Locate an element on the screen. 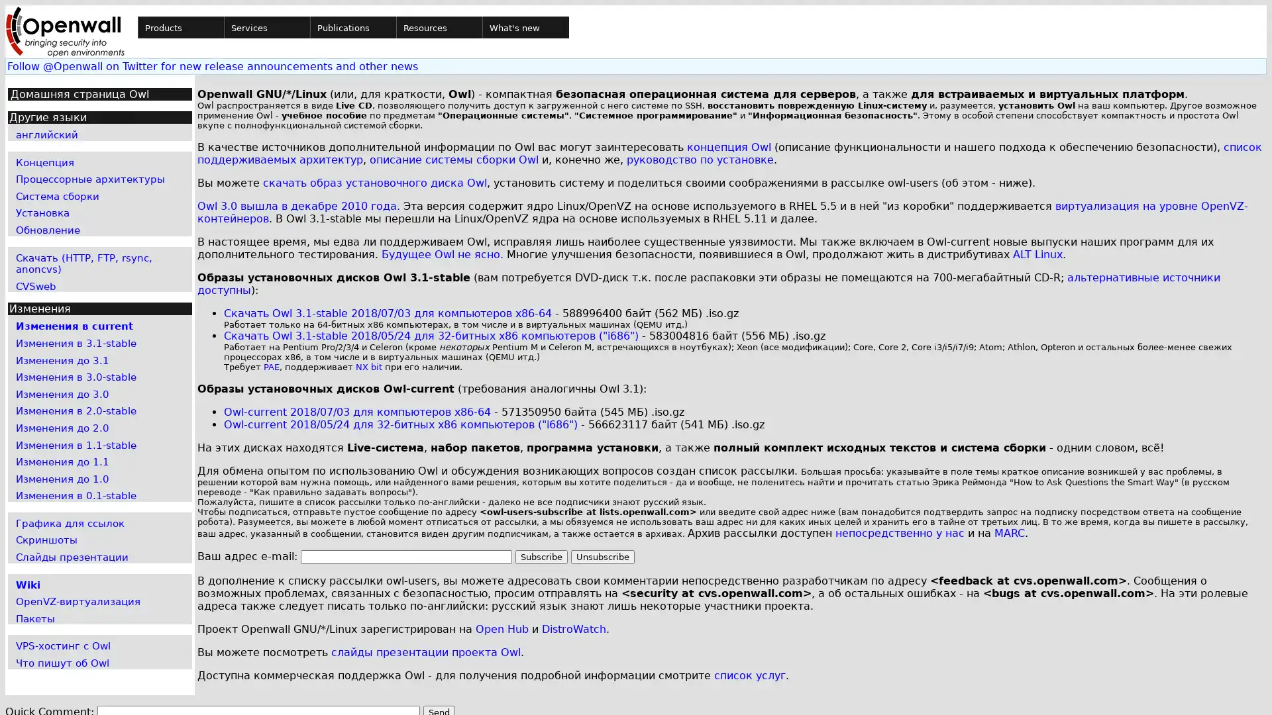  Unsubscribe is located at coordinates (601, 557).